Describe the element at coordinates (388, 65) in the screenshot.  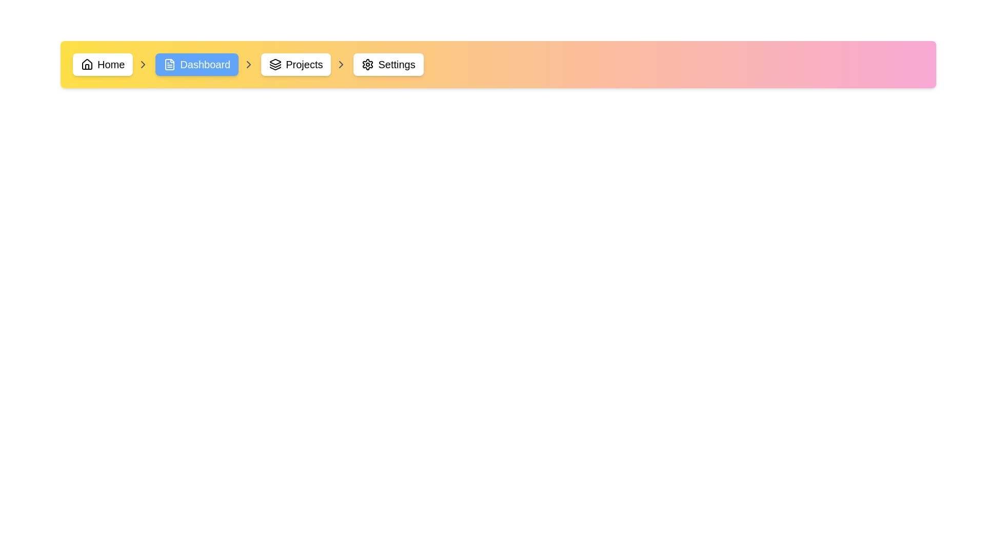
I see `the 'Settings' button, which is the last button in the horizontal navigation bar, to trigger a visual response such as a background color change` at that location.